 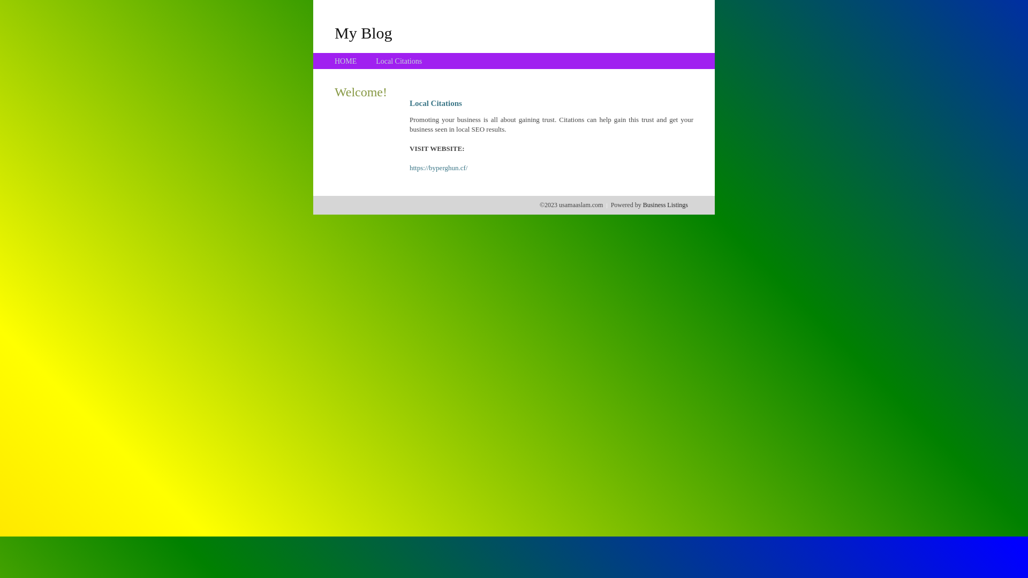 I want to click on 'https://byperghun.cf/', so click(x=409, y=168).